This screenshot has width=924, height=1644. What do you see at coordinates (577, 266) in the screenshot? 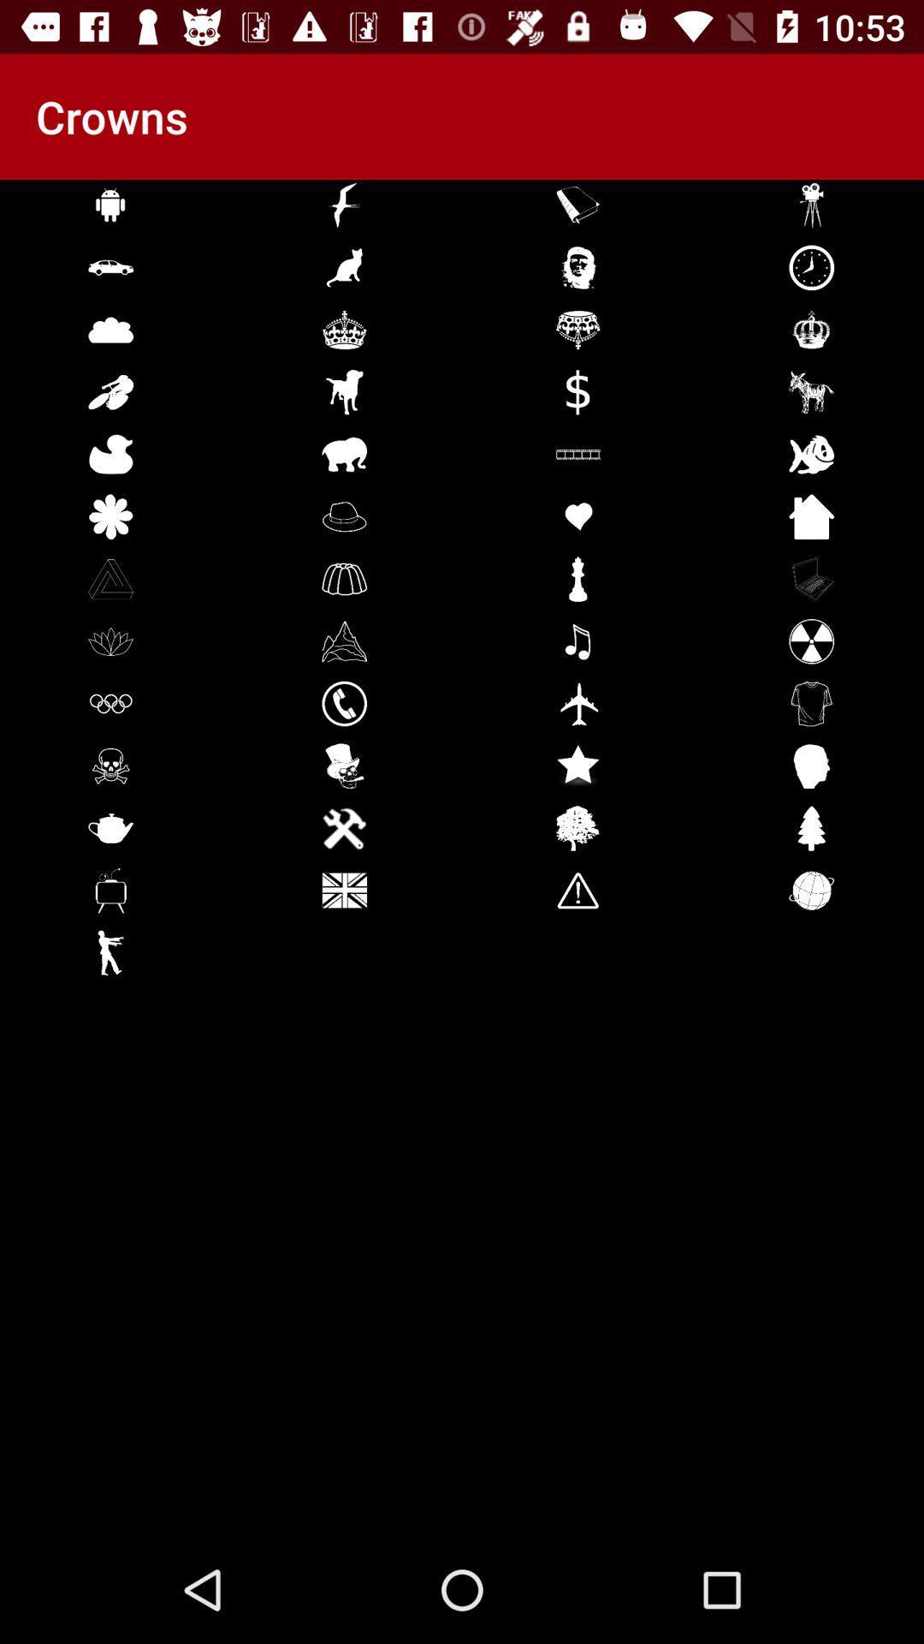
I see `the third icon in the second row` at bounding box center [577, 266].